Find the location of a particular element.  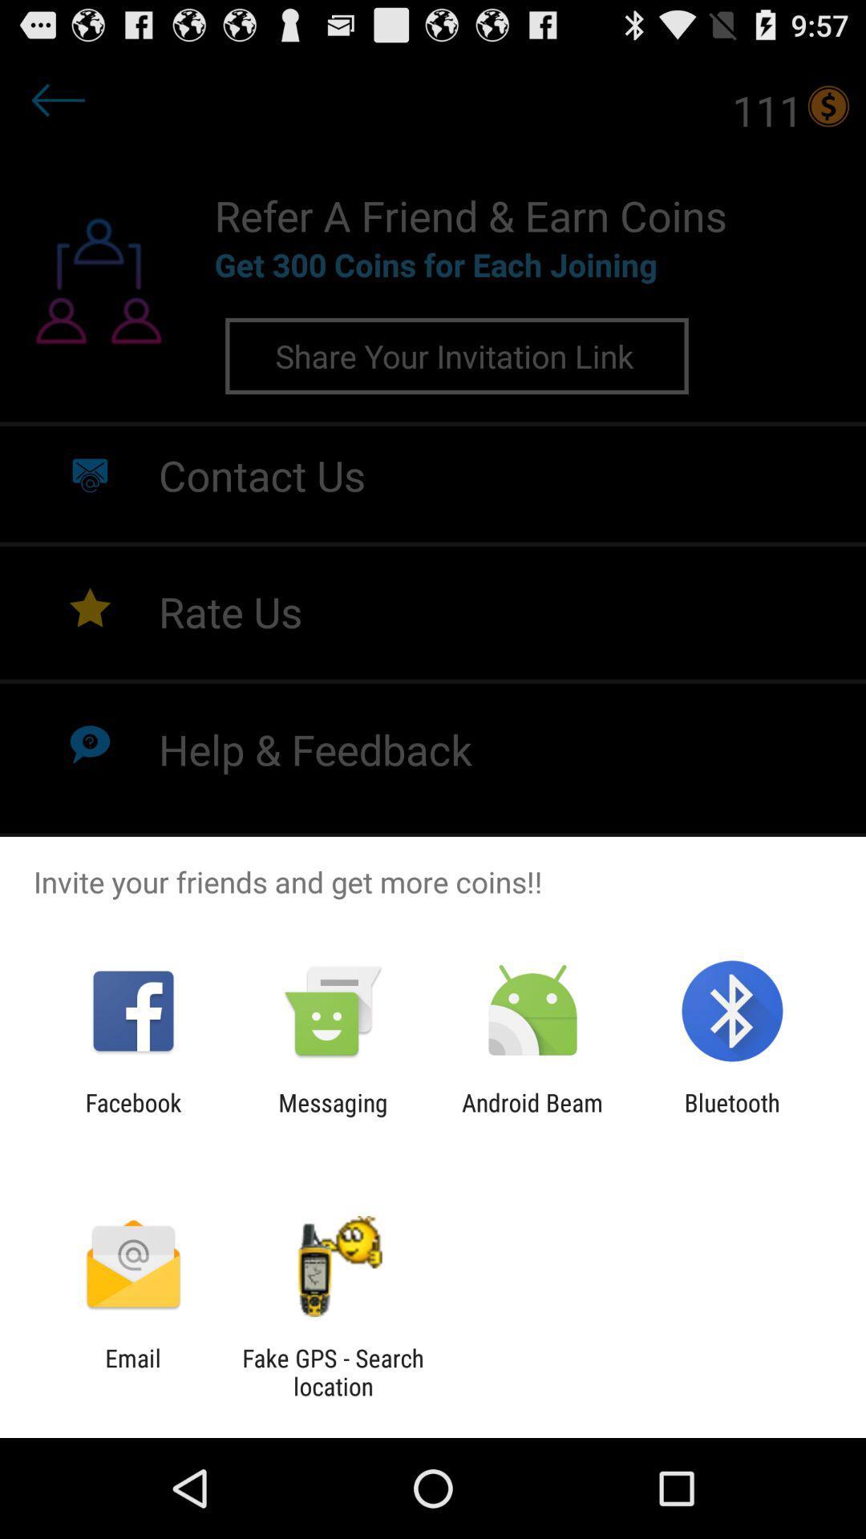

the icon next to the facebook app is located at coordinates (332, 1116).